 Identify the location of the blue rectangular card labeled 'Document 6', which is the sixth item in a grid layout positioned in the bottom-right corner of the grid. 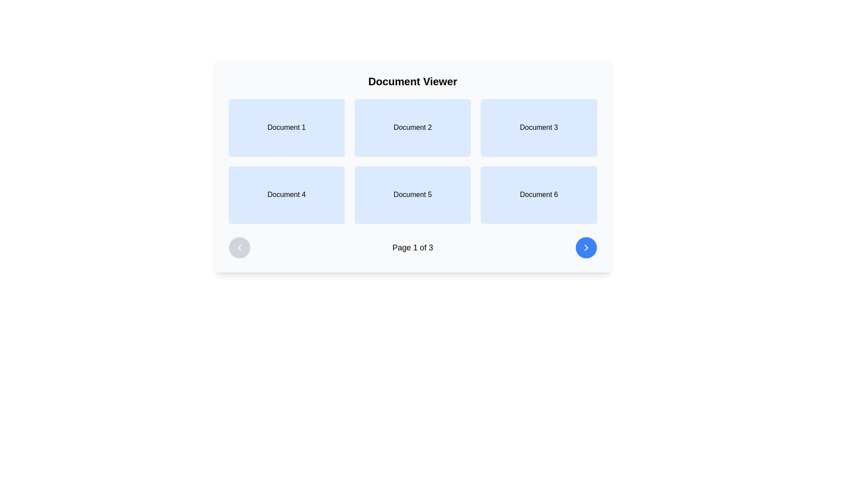
(538, 194).